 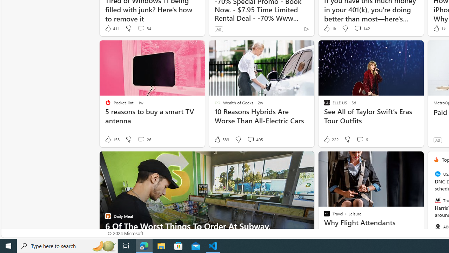 What do you see at coordinates (141, 28) in the screenshot?
I see `'View comments 34 Comment'` at bounding box center [141, 28].